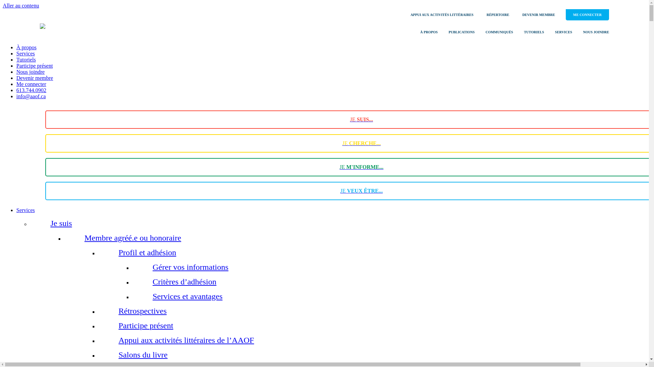  What do you see at coordinates (152, 296) in the screenshot?
I see `'Services et avantages'` at bounding box center [152, 296].